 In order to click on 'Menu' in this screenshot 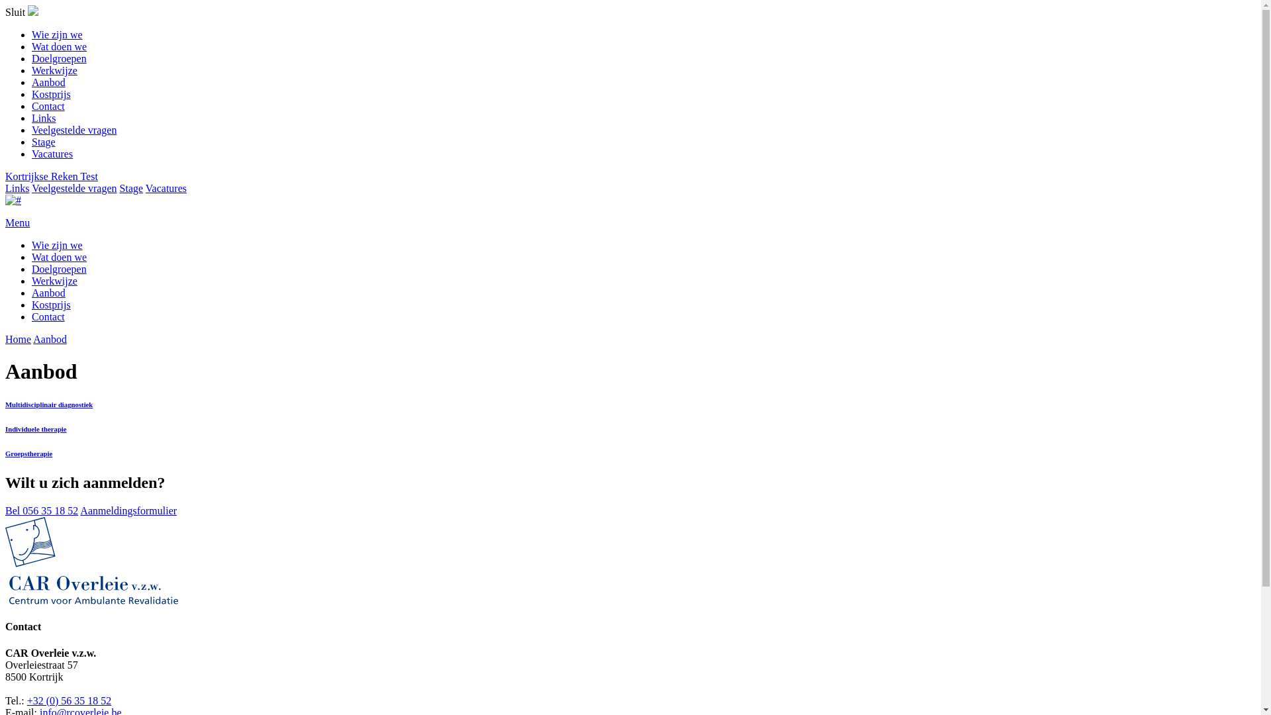, I will do `click(5, 234)`.